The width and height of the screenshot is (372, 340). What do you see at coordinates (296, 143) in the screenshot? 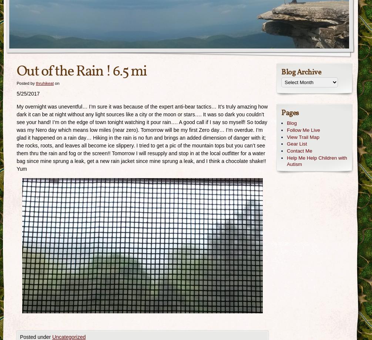
I see `'Gear List'` at bounding box center [296, 143].